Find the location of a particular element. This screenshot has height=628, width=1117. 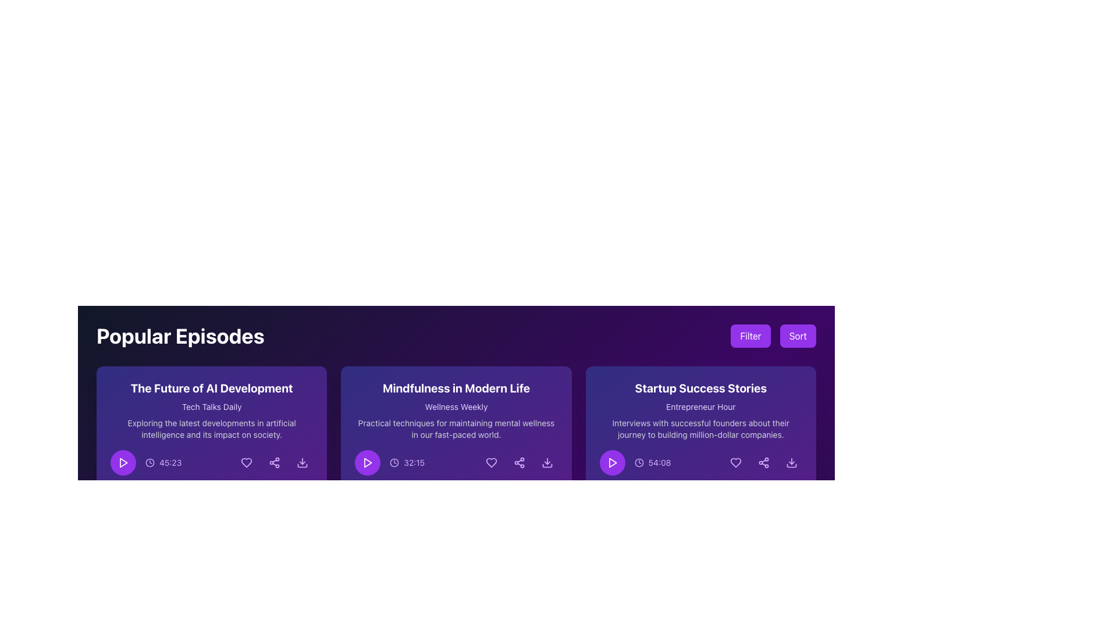

the heart icon located below the 'Mindfulness in Modern Life' card to mark the podcast episode as a favorite is located at coordinates (491, 462).